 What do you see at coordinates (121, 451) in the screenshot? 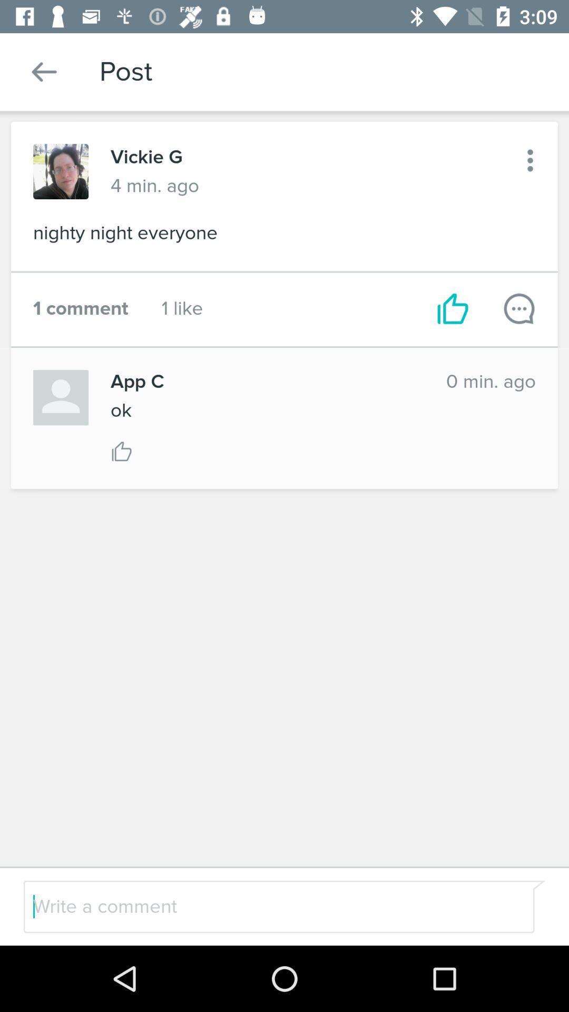
I see `vote thumbs up` at bounding box center [121, 451].